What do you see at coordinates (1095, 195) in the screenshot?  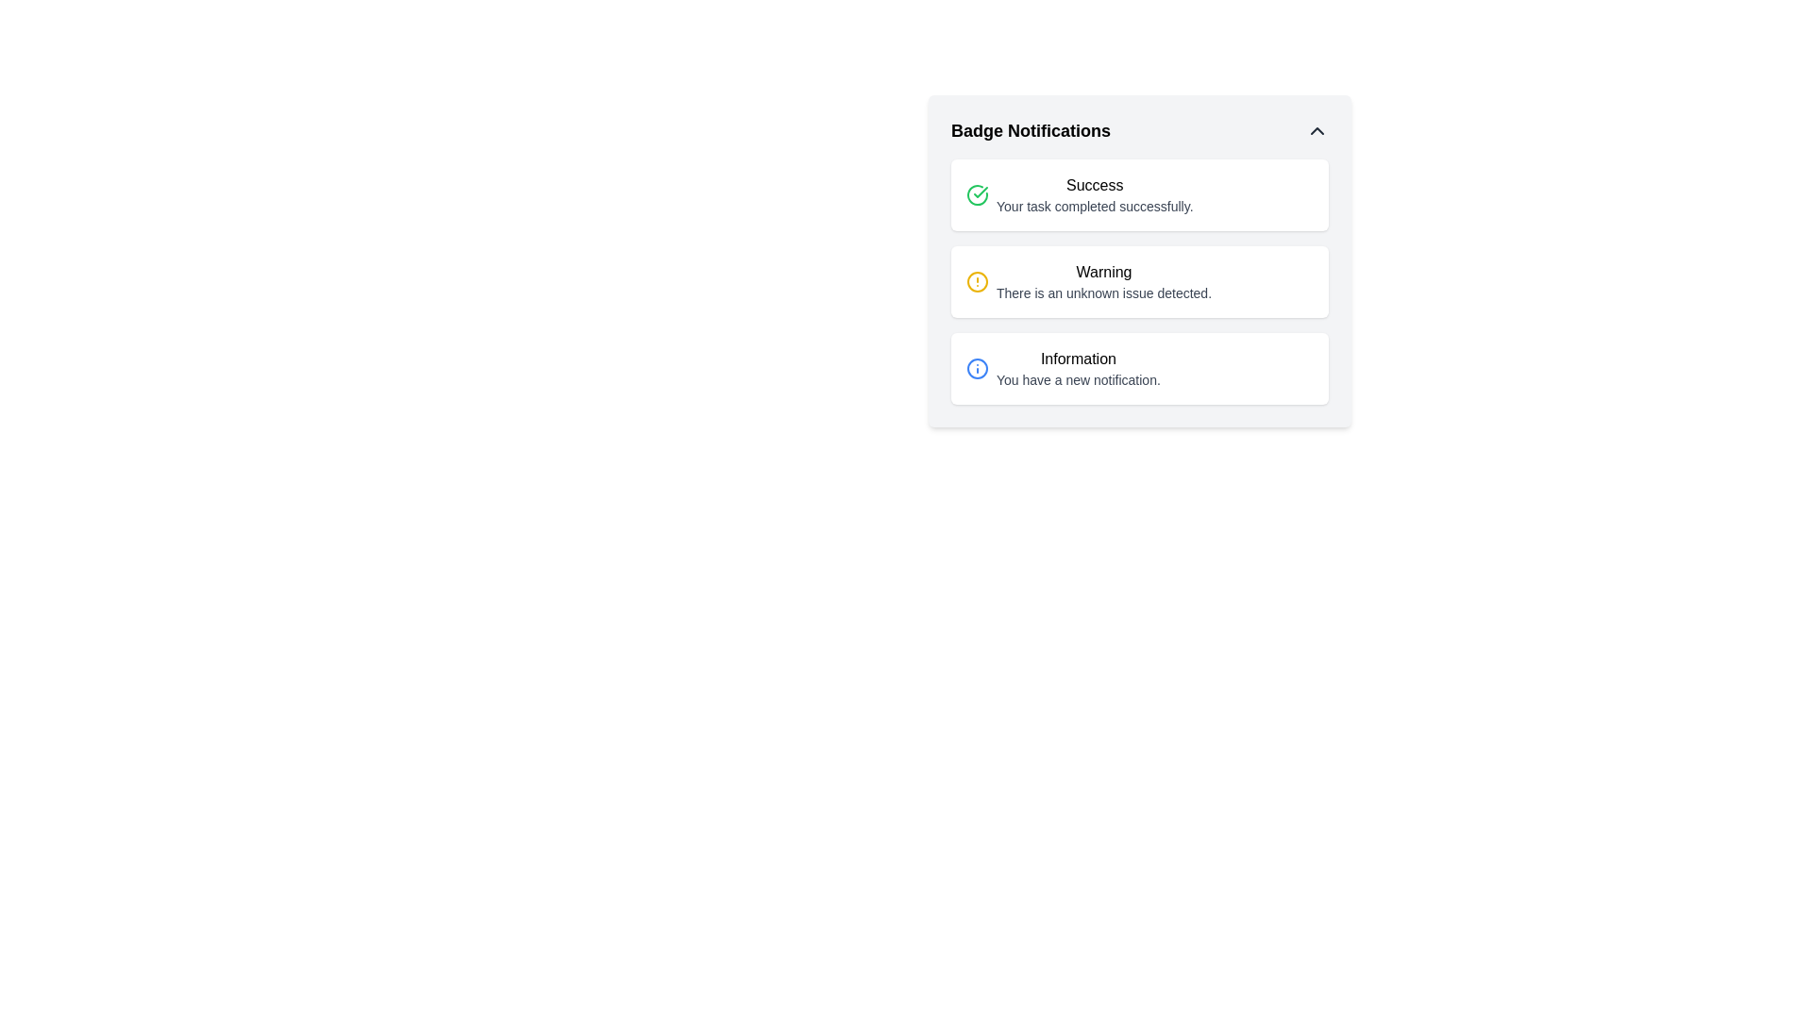 I see `the notification message displaying 'Success' with the description 'Your task completed successfully.' by clicking on it` at bounding box center [1095, 195].